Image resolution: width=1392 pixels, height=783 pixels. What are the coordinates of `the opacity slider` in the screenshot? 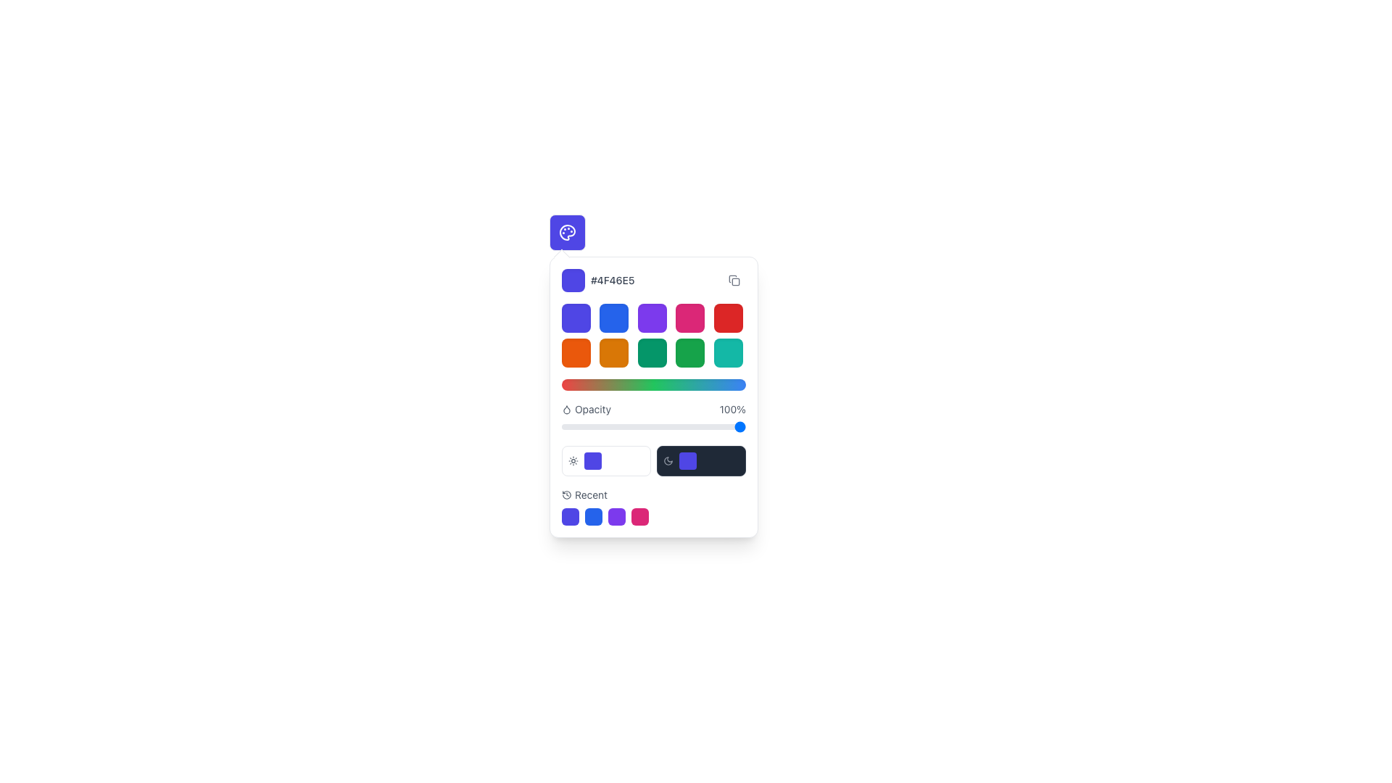 It's located at (714, 426).